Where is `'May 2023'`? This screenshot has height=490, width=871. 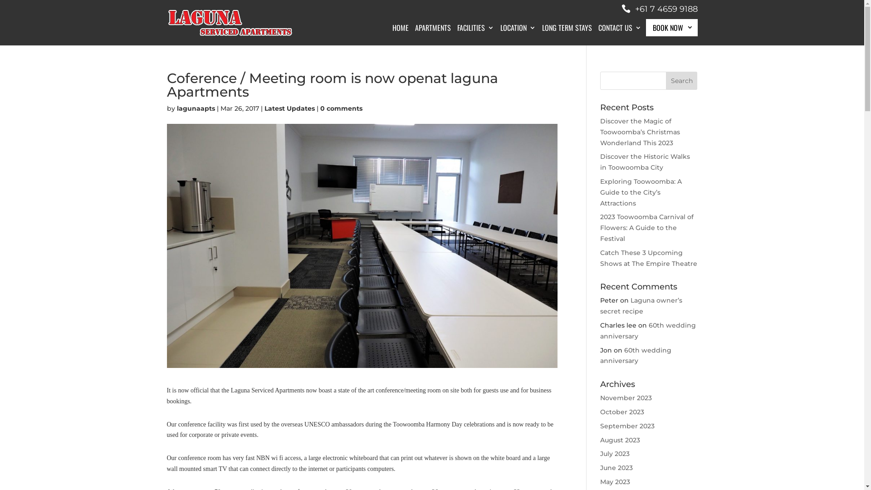
'May 2023' is located at coordinates (615, 481).